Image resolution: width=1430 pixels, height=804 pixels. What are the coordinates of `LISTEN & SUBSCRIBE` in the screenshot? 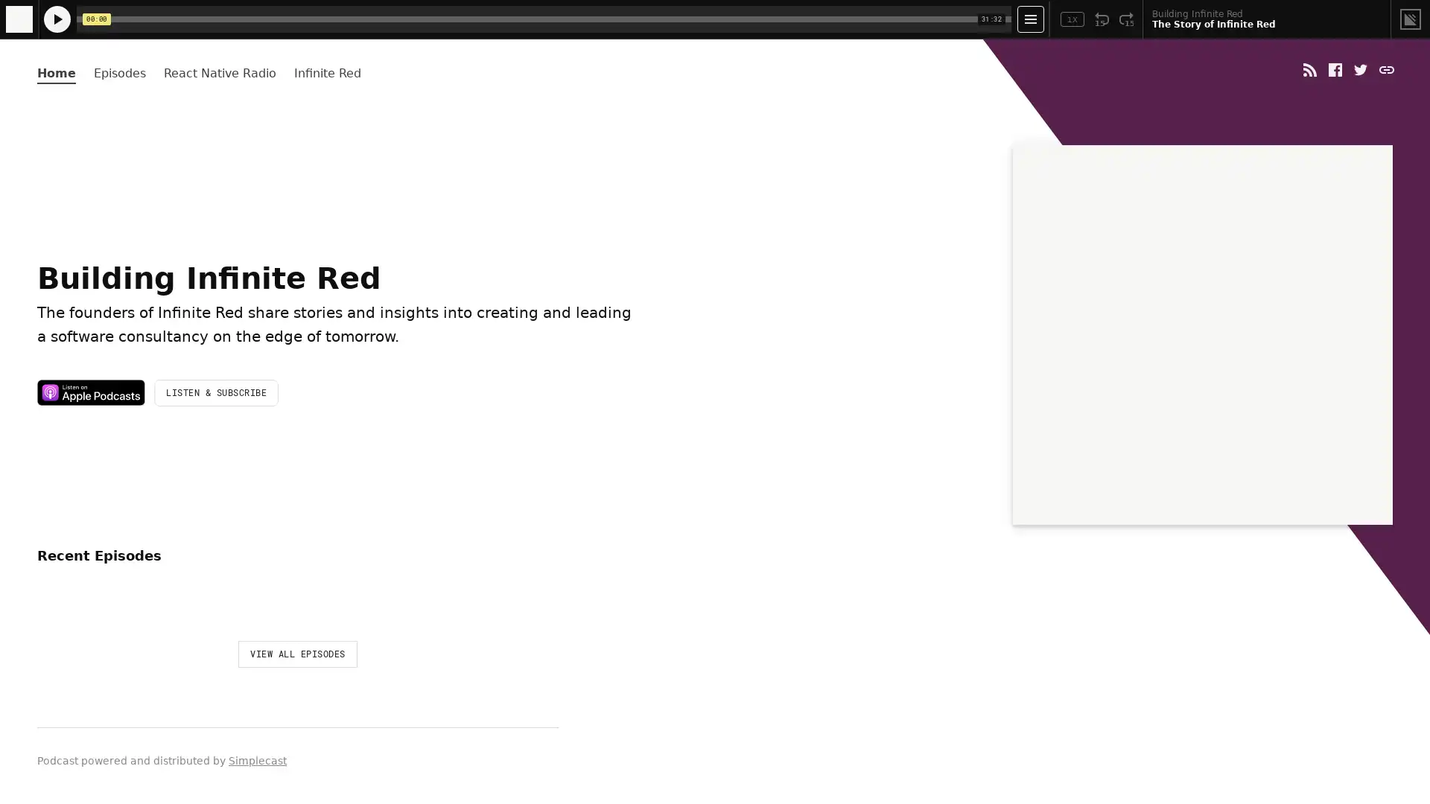 It's located at (215, 392).